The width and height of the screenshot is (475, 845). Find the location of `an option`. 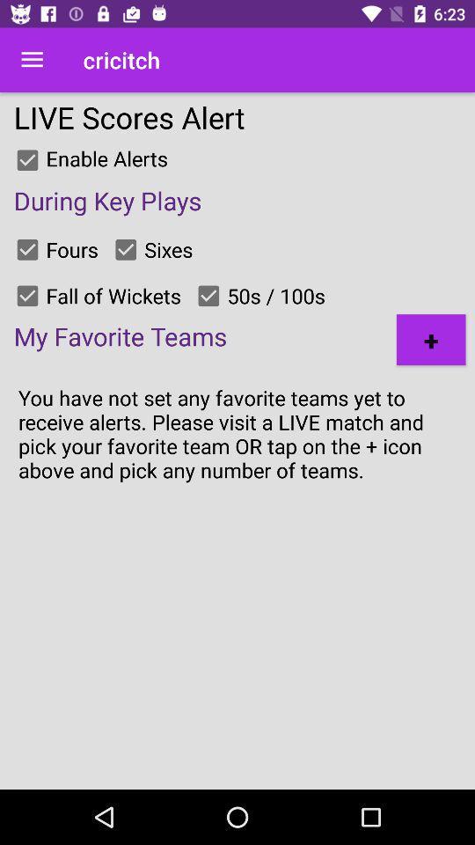

an option is located at coordinates (26, 248).